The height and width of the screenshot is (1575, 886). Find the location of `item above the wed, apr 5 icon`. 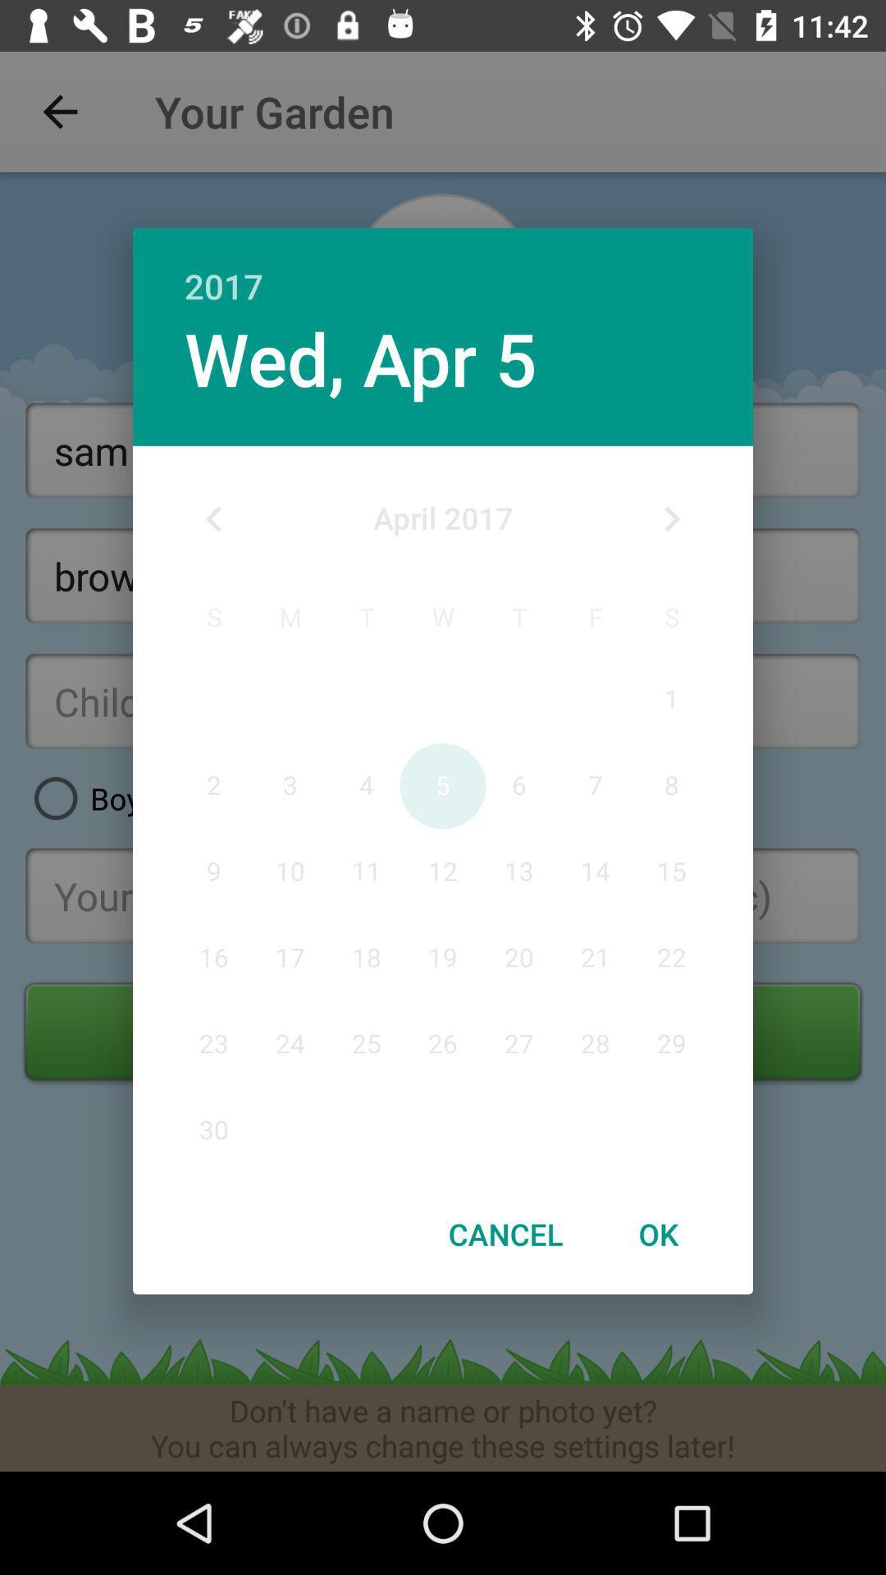

item above the wed, apr 5 icon is located at coordinates (443, 268).